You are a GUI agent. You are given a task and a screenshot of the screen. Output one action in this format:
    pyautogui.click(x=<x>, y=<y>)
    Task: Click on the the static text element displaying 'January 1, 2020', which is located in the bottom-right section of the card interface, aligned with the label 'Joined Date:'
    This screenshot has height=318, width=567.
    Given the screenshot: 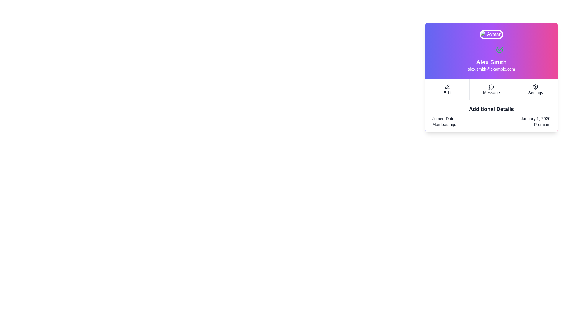 What is the action you would take?
    pyautogui.click(x=535, y=118)
    